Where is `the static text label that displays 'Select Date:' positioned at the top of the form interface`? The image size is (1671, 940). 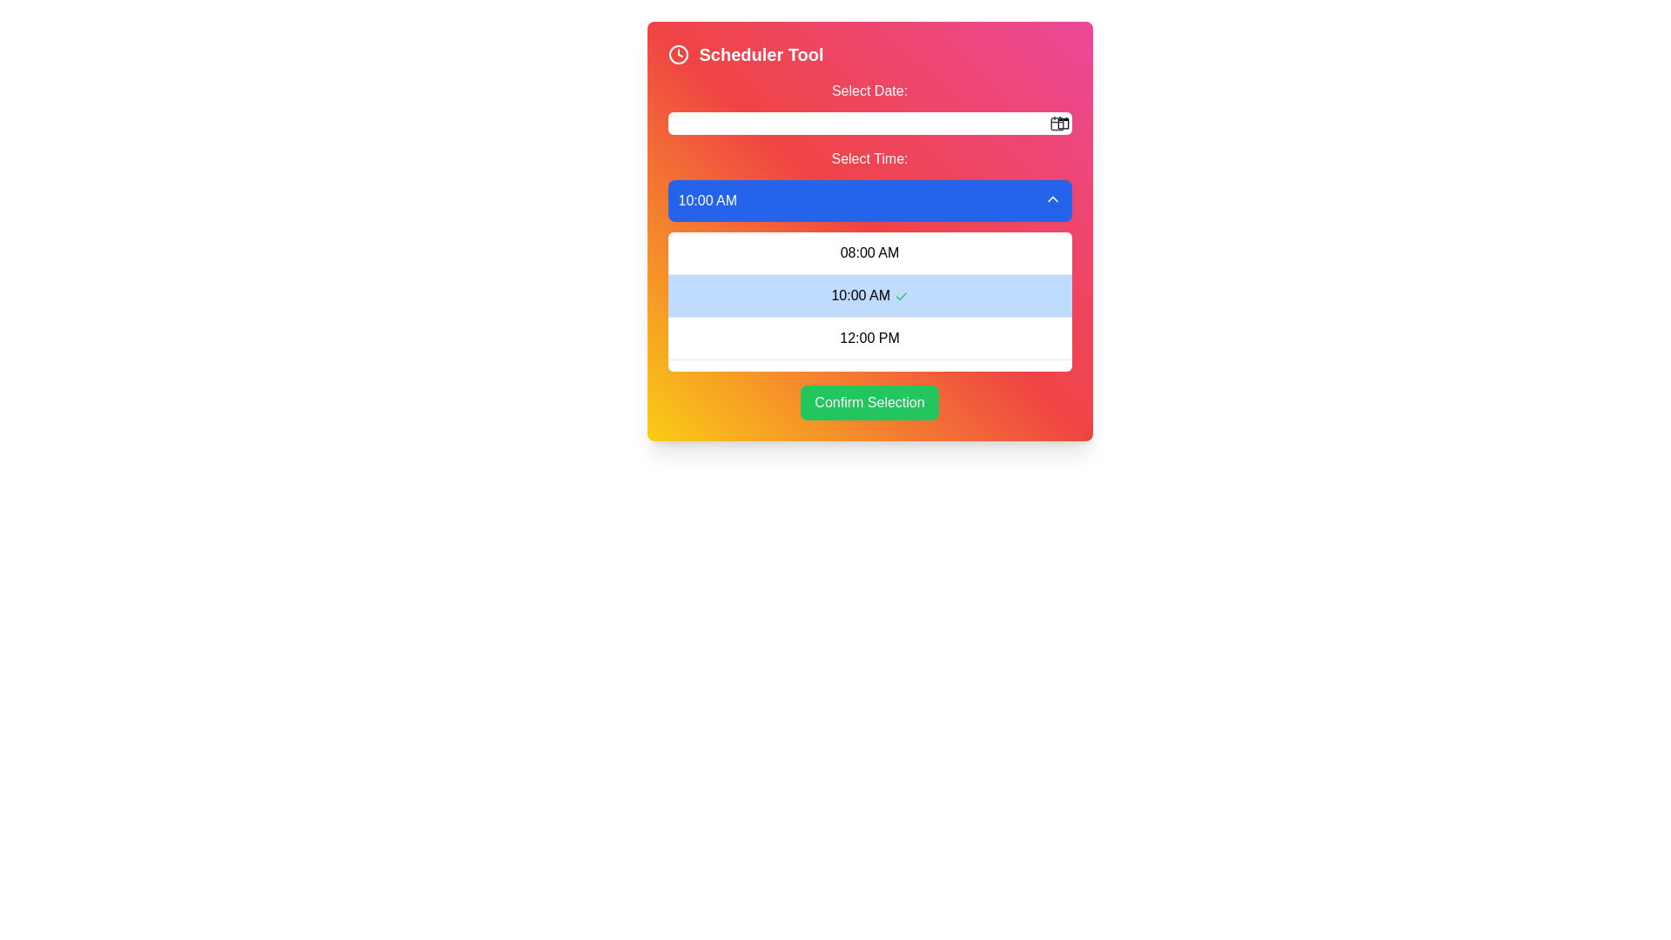
the static text label that displays 'Select Date:' positioned at the top of the form interface is located at coordinates (869, 91).